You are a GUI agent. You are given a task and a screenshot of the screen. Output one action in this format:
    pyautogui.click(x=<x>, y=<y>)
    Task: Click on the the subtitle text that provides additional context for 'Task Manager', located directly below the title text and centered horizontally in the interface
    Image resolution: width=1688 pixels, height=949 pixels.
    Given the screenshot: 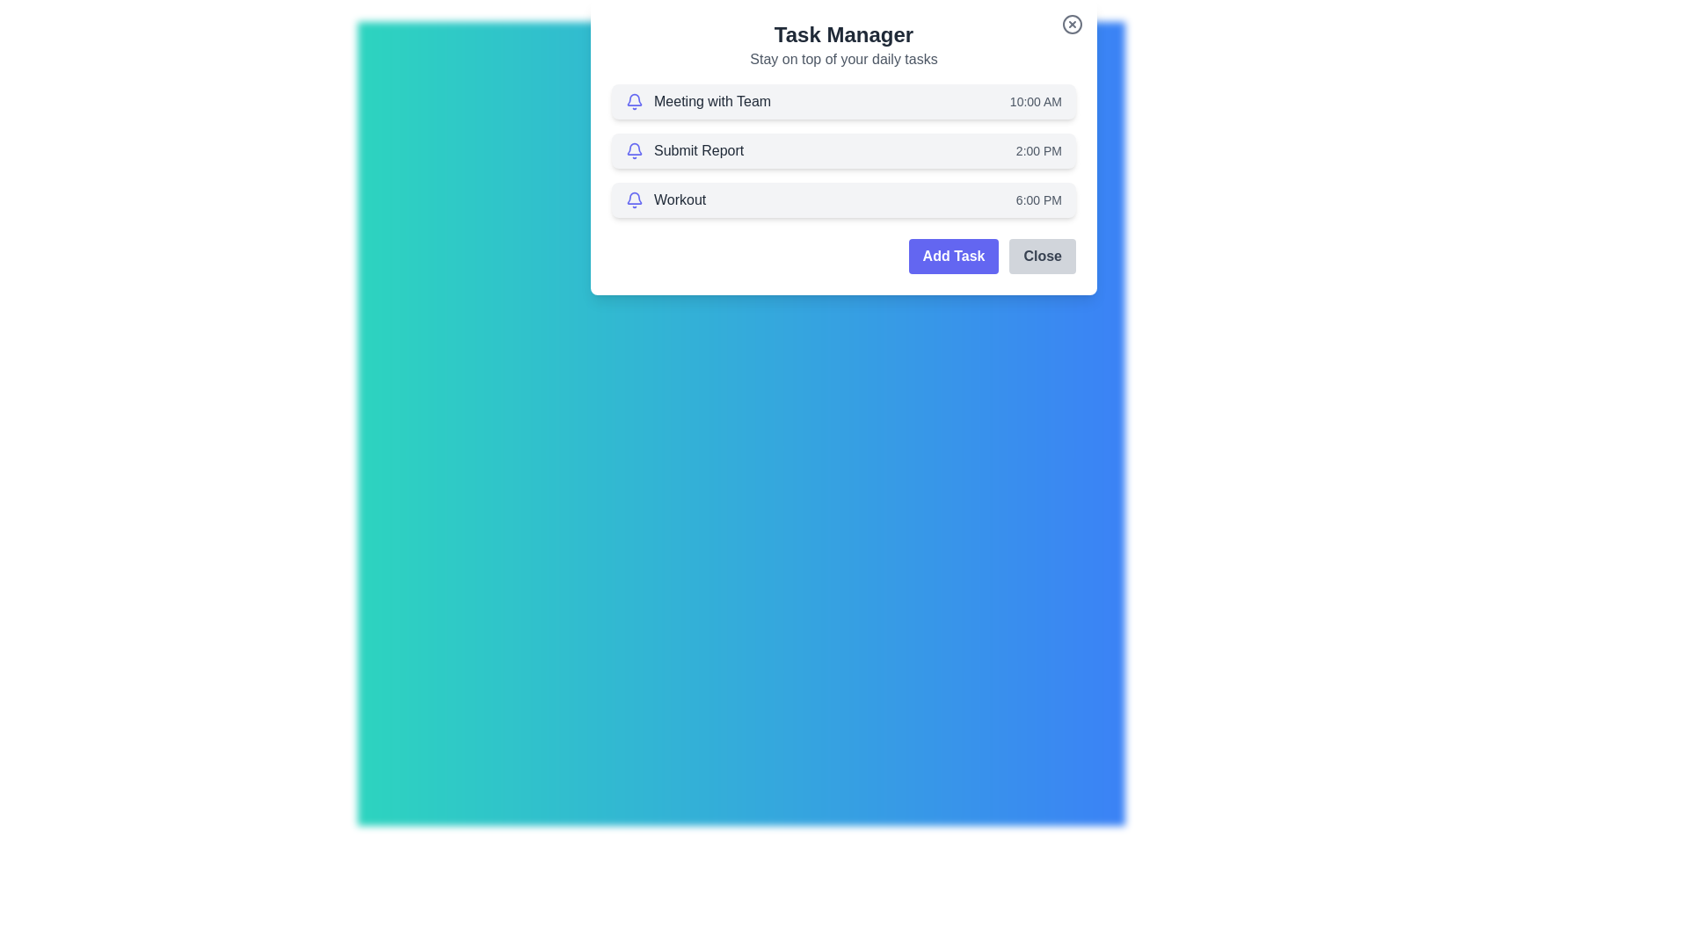 What is the action you would take?
    pyautogui.click(x=844, y=59)
    